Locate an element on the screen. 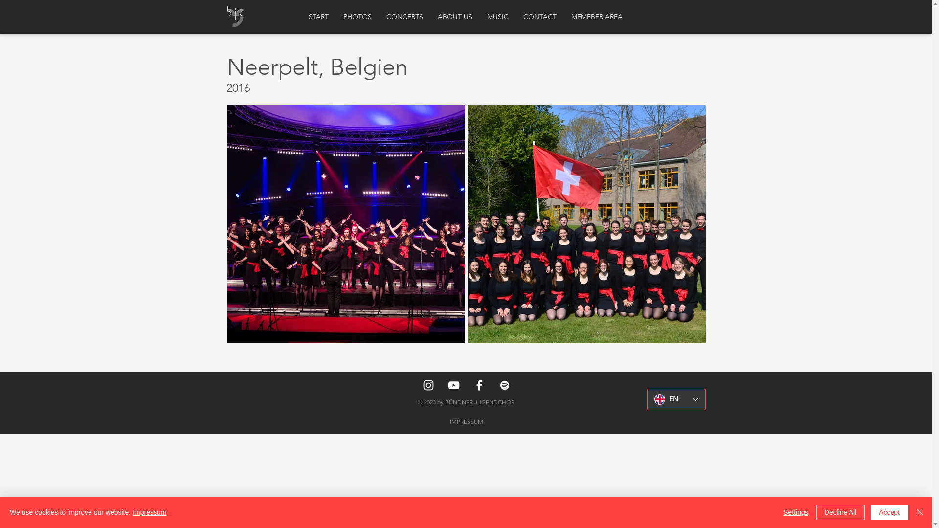 The image size is (939, 528). 'Decline All' is located at coordinates (840, 512).